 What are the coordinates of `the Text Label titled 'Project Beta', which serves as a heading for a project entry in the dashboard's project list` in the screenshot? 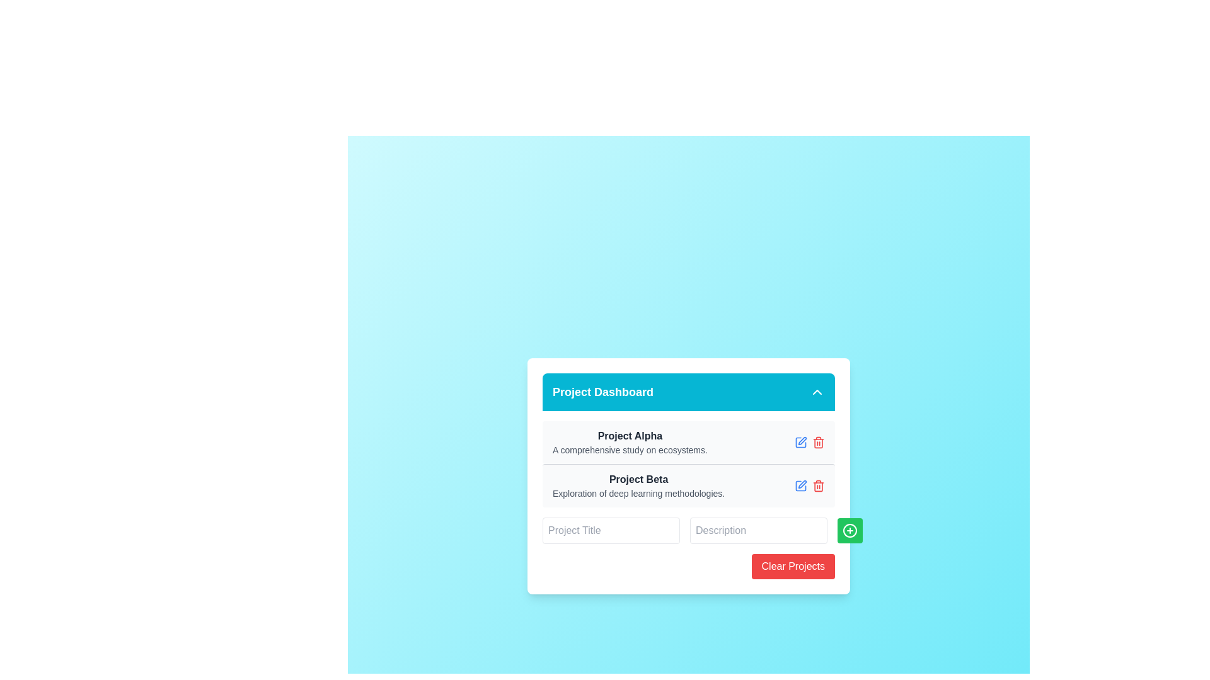 It's located at (638, 479).